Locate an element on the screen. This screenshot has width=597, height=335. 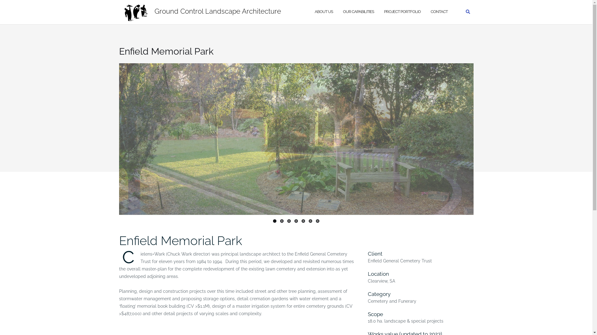
'Enfield Memorial Park' is located at coordinates (180, 240).